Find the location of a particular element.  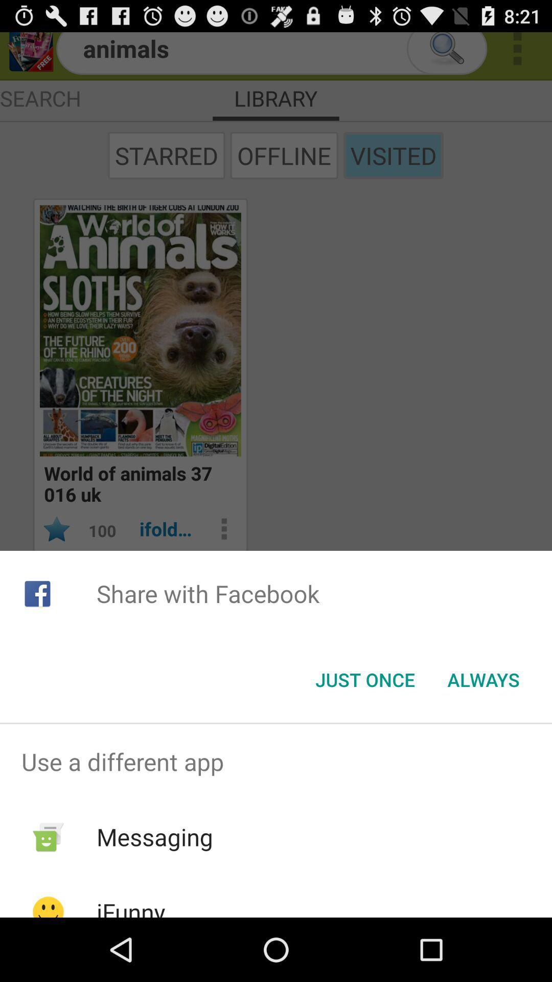

item to the left of always item is located at coordinates (364, 680).